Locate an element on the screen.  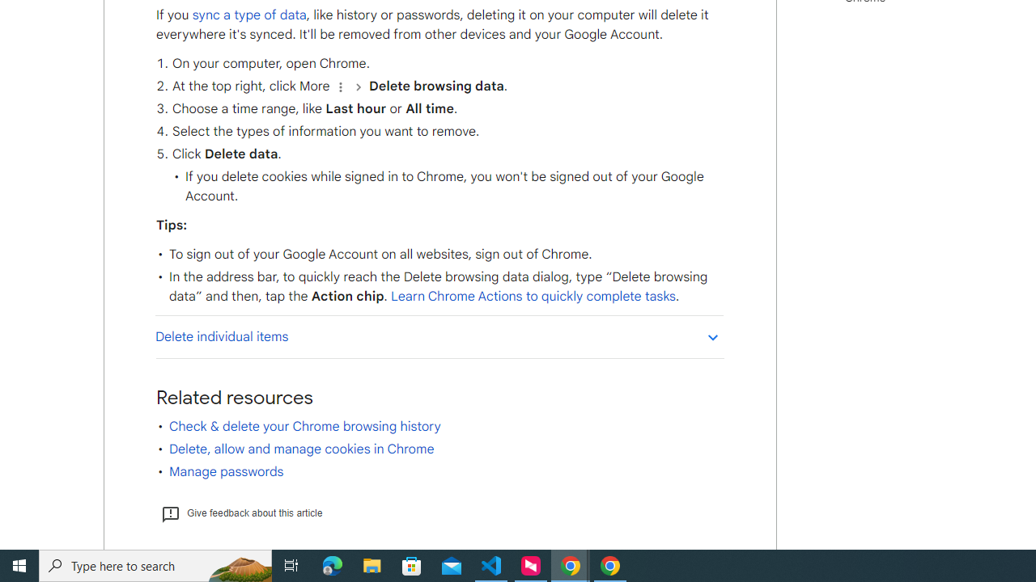
'Check & delete your Chrome browsing history' is located at coordinates (304, 425).